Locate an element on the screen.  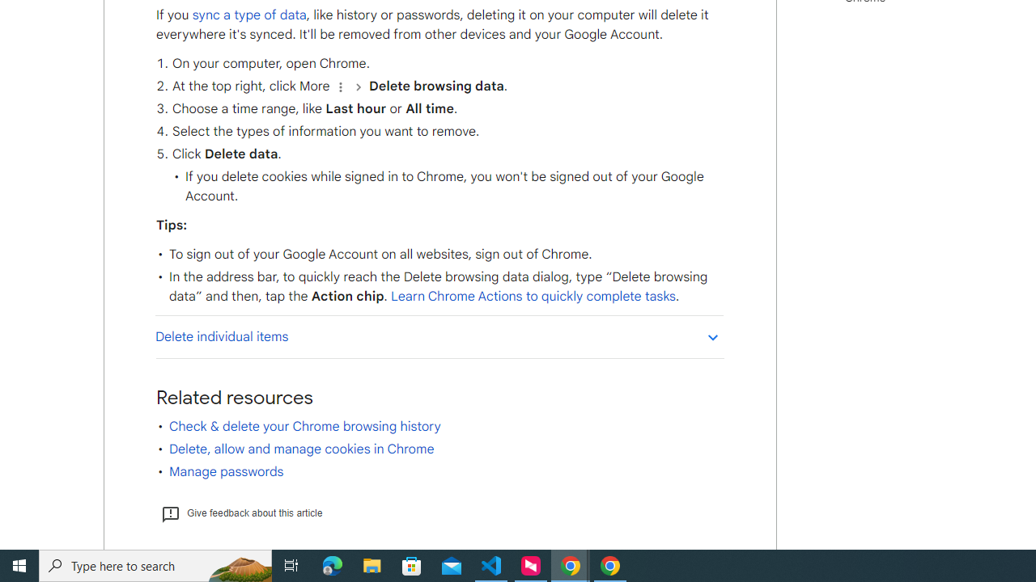
'Check & delete your Chrome browsing history' is located at coordinates (304, 425).